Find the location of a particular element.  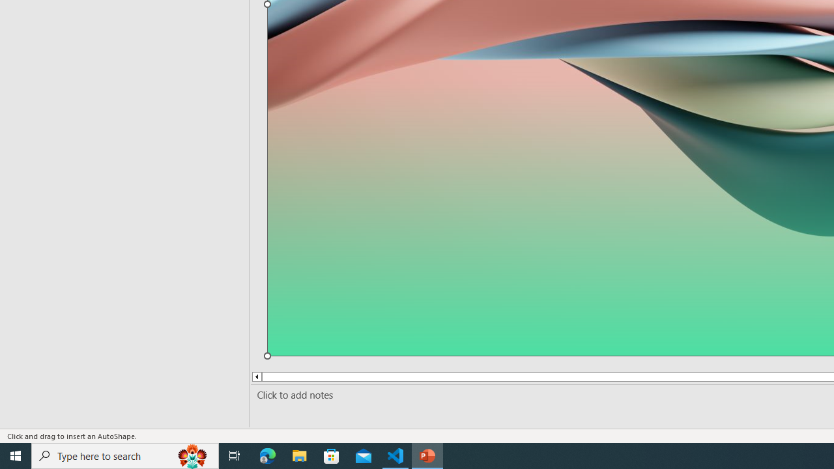

'Line up' is located at coordinates (256, 377).